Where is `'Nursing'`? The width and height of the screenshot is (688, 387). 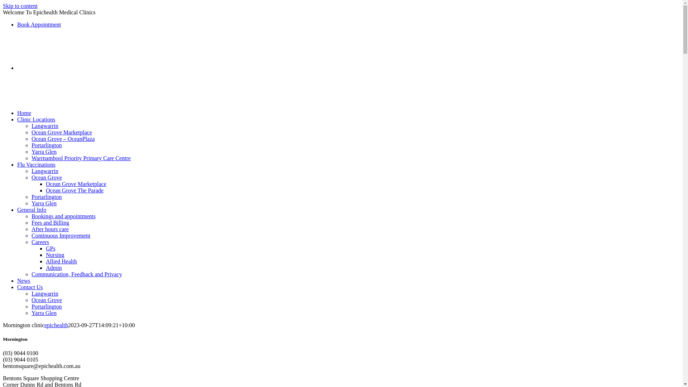 'Nursing' is located at coordinates (54, 254).